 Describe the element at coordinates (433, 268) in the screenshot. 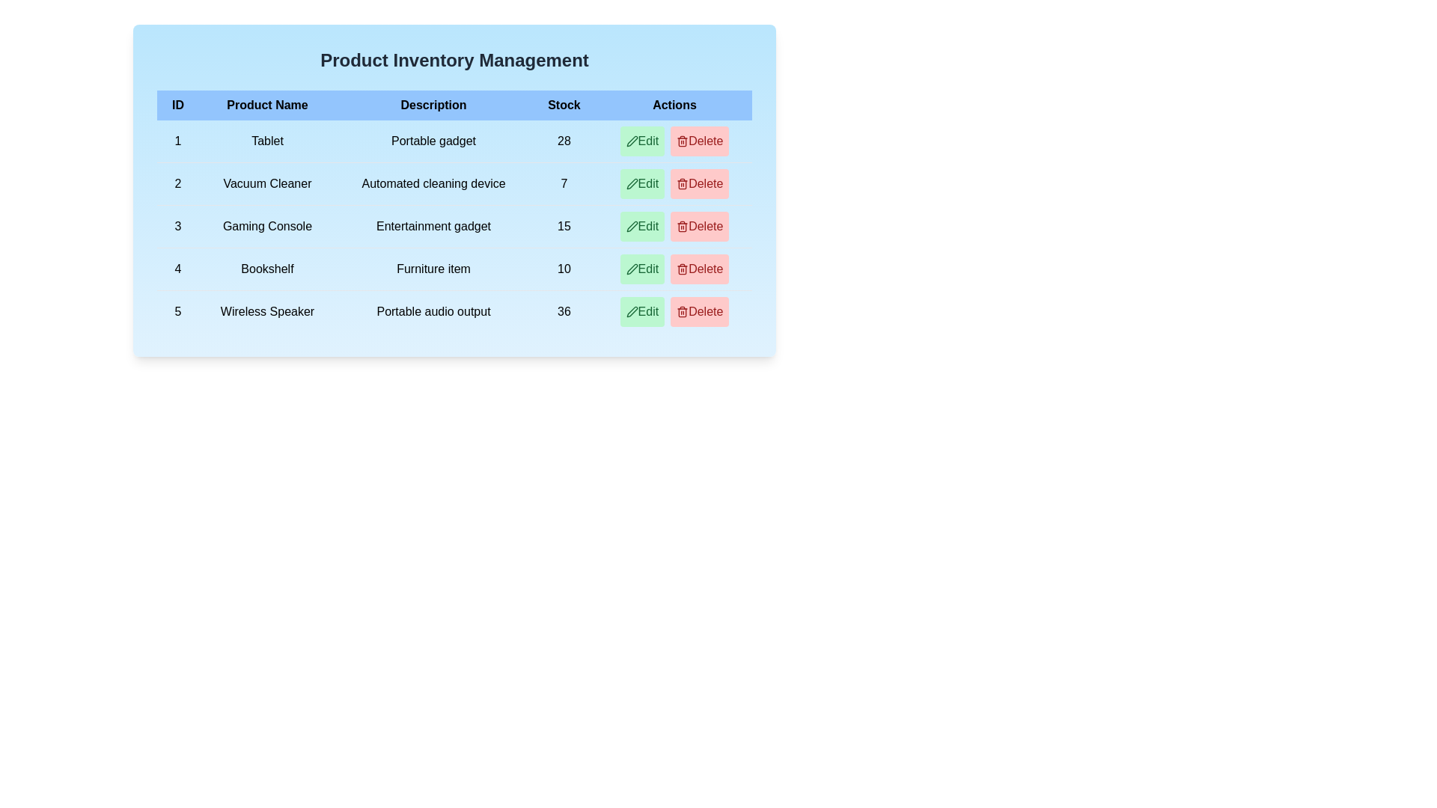

I see `the 'Description' text label in the fourth row of the table, which provides details about the 'Bookshelf' product` at that location.